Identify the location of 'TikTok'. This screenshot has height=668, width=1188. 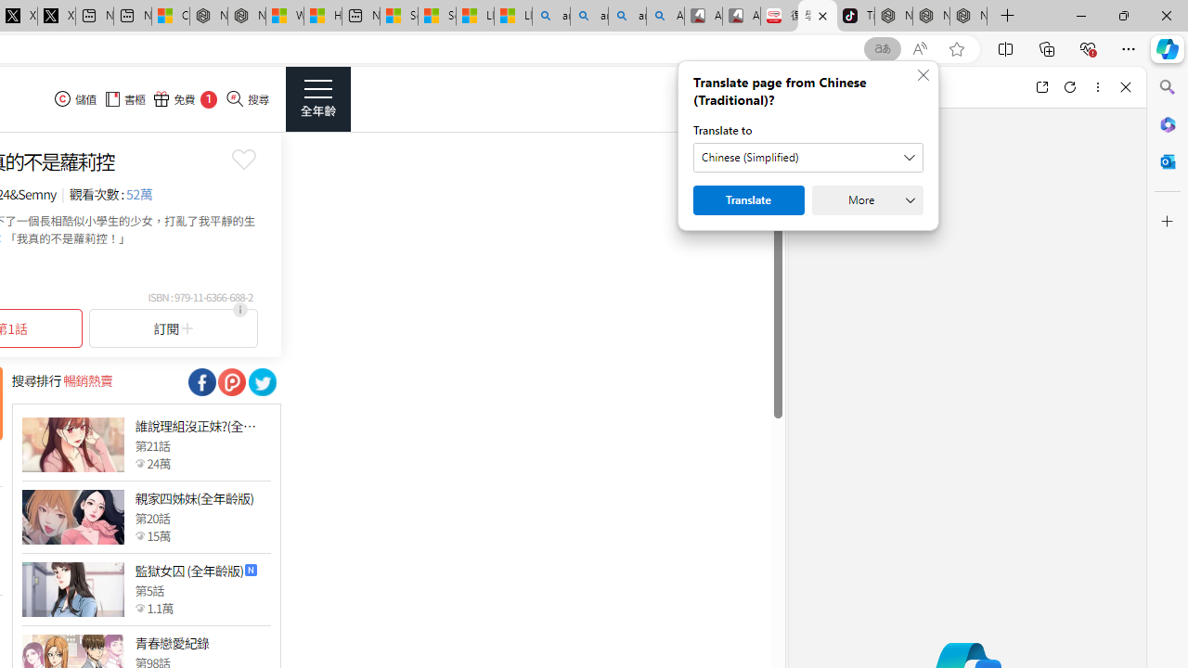
(855, 16).